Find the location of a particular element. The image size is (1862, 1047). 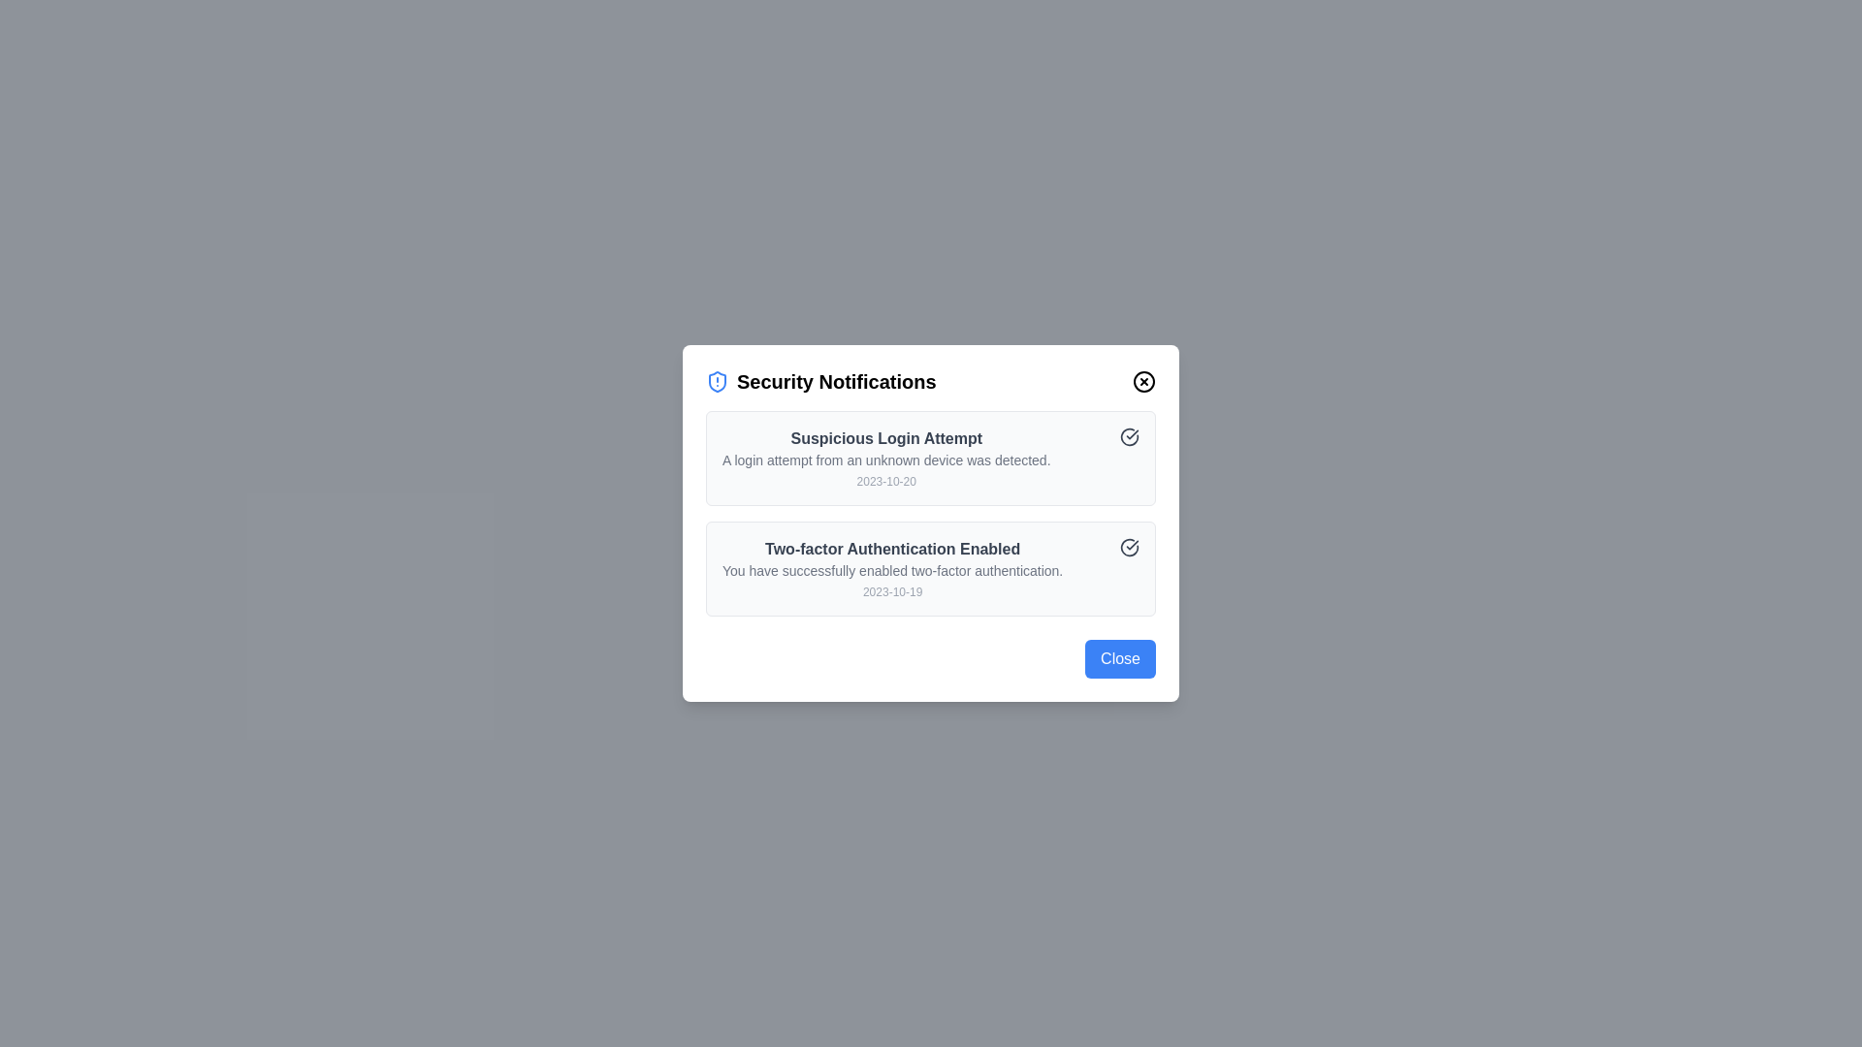

the bold text header titled 'Security Notifications' with the blue shield icon, located at the top-left section of the modal dialog is located at coordinates (820, 381).